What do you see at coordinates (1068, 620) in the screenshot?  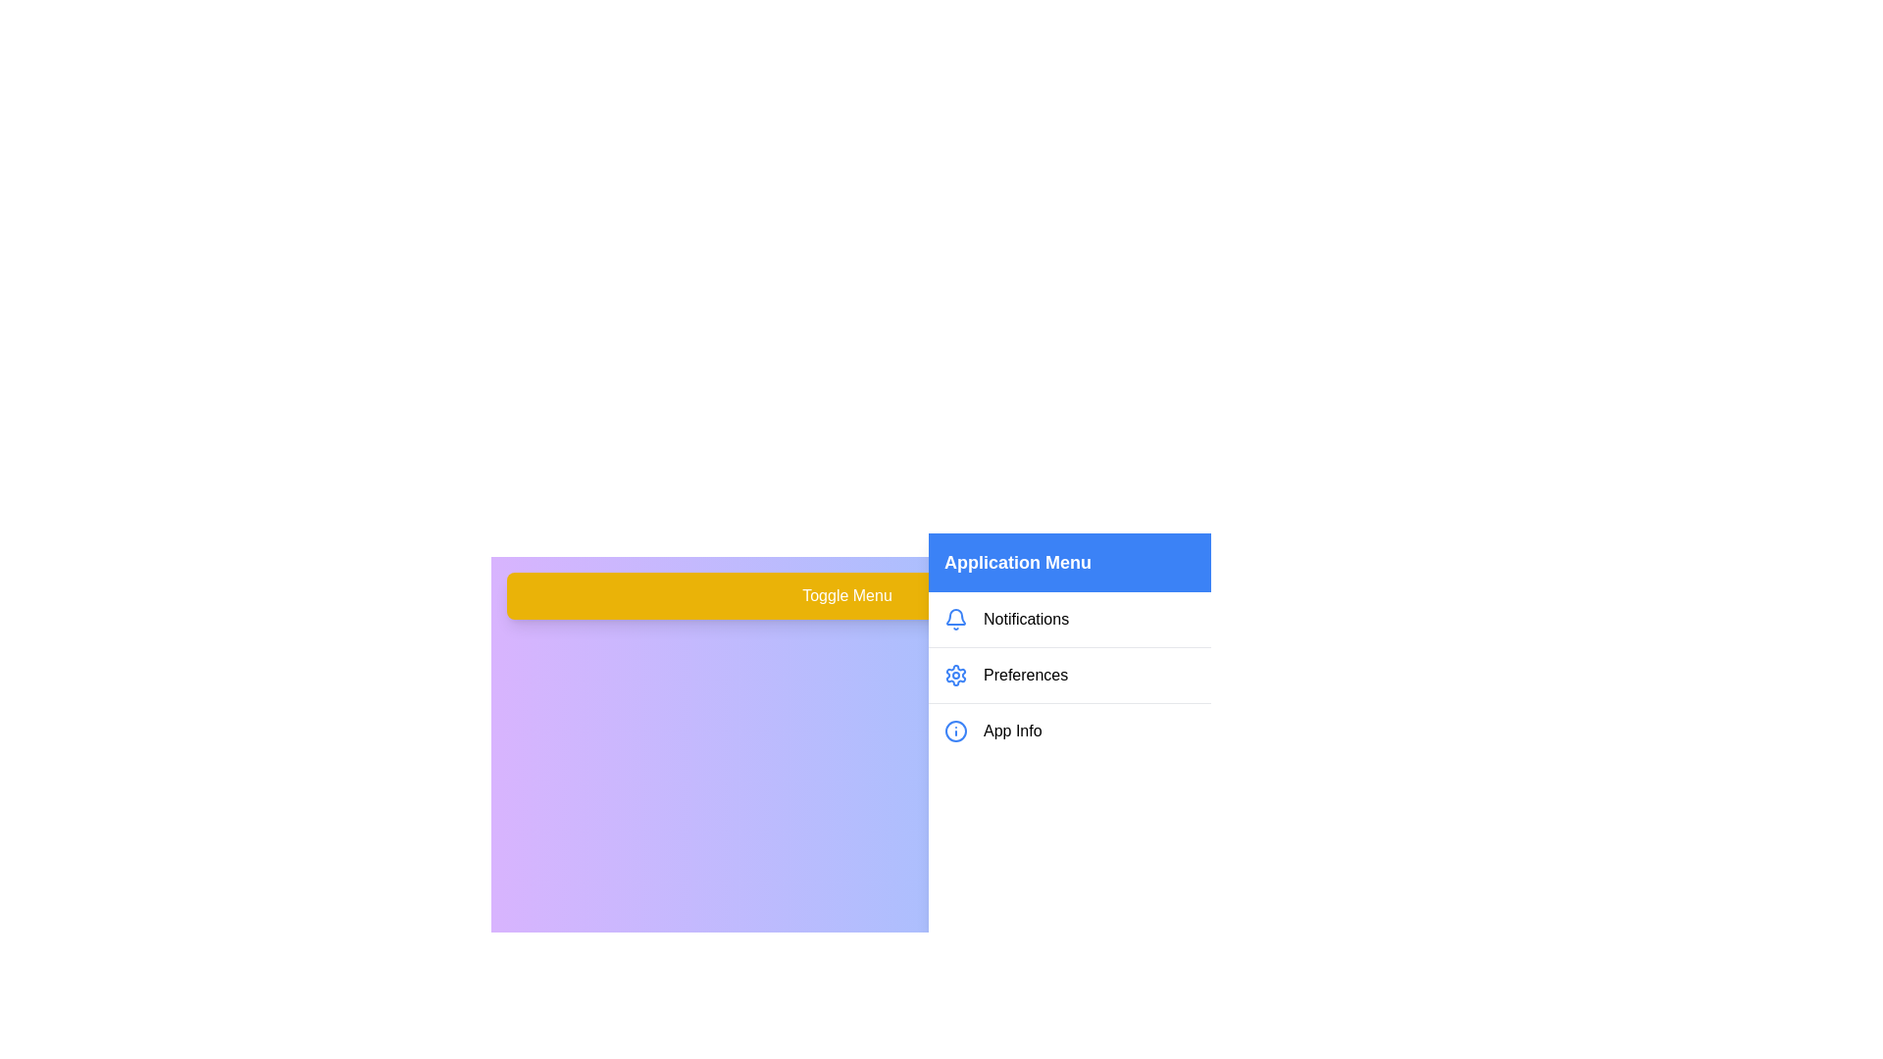 I see `the 'Notifications' menu item` at bounding box center [1068, 620].